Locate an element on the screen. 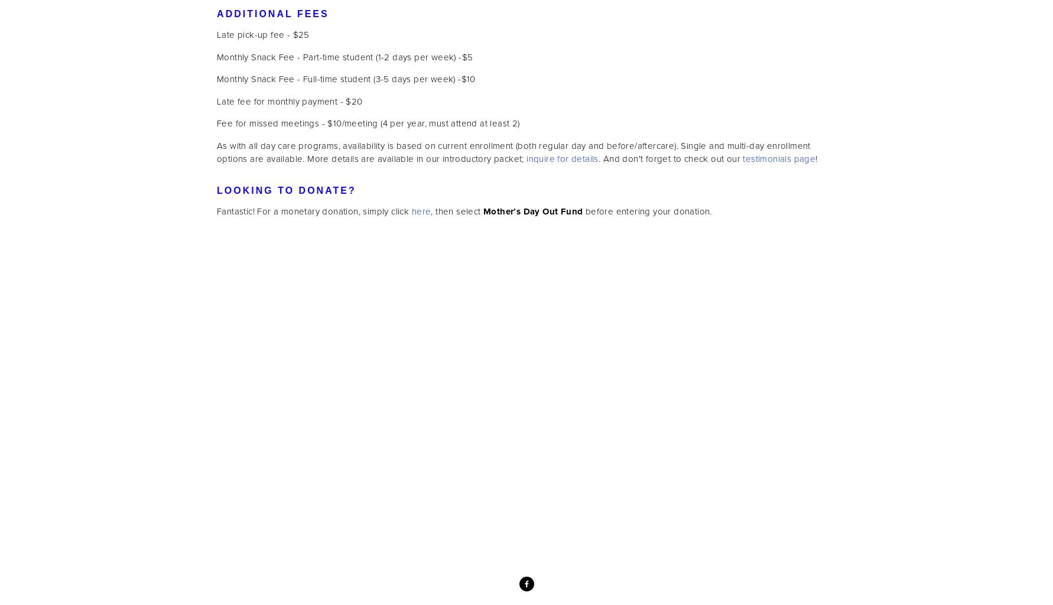  'Fee for missed meetings - $10/meeting (4 per year, must attend at least 2)' is located at coordinates (368, 123).